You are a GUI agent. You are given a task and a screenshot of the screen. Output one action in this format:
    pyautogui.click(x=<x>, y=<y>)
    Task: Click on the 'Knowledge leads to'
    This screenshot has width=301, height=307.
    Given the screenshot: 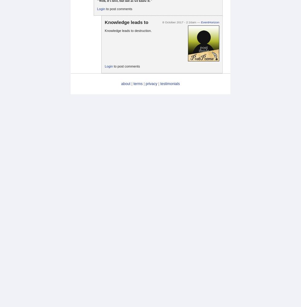 What is the action you would take?
    pyautogui.click(x=126, y=21)
    